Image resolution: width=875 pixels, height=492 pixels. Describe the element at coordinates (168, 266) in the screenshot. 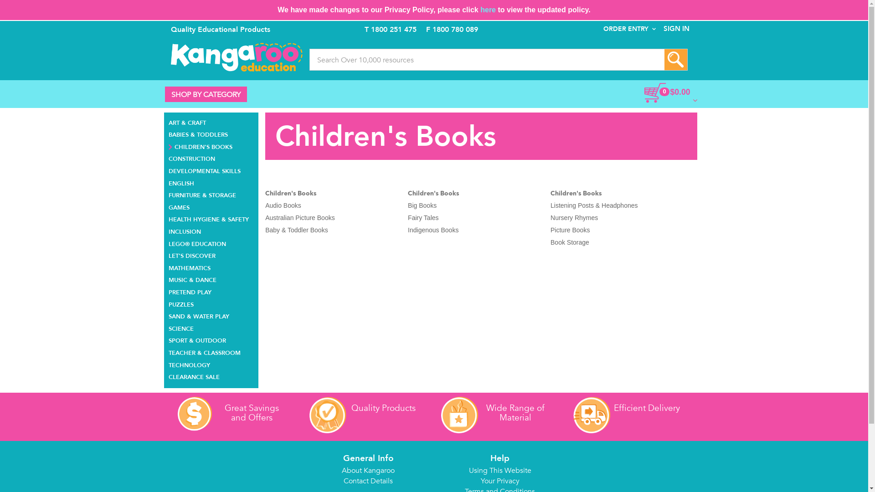

I see `'MATHEMATICS'` at that location.